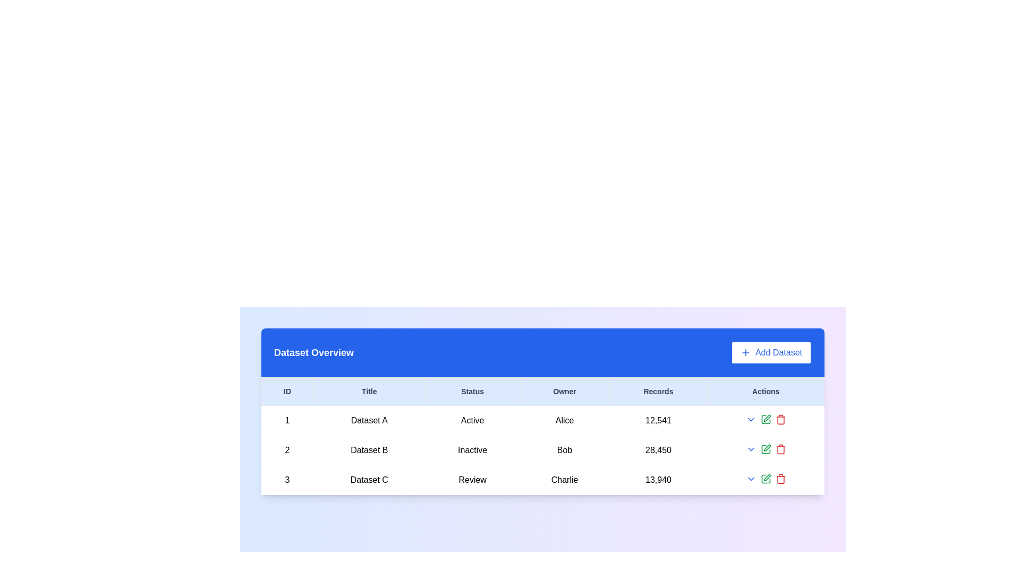 This screenshot has width=1020, height=573. What do you see at coordinates (771, 352) in the screenshot?
I see `the 'Add Dataset' button, which has a white background, blue border, and a plus icon, located at the top-right corner next to 'Dataset Overview'` at bounding box center [771, 352].